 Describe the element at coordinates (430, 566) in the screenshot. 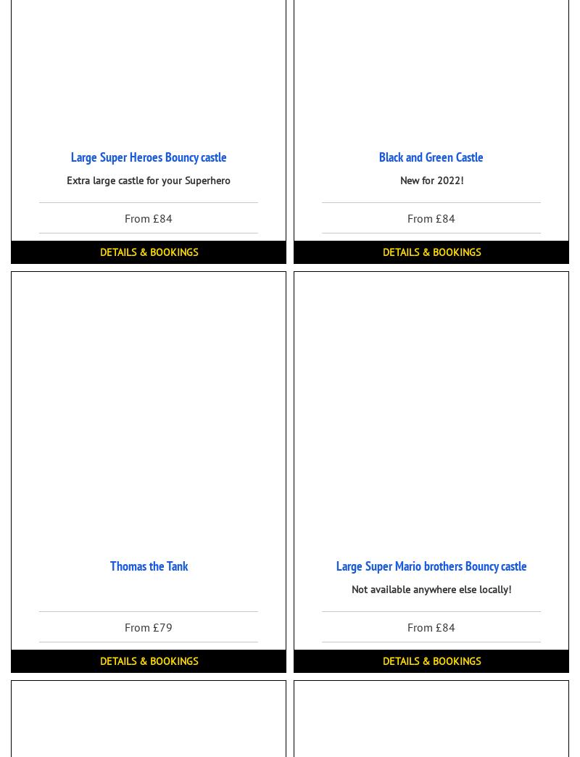

I see `'Large Super Mario brothers Bouncy castle'` at that location.